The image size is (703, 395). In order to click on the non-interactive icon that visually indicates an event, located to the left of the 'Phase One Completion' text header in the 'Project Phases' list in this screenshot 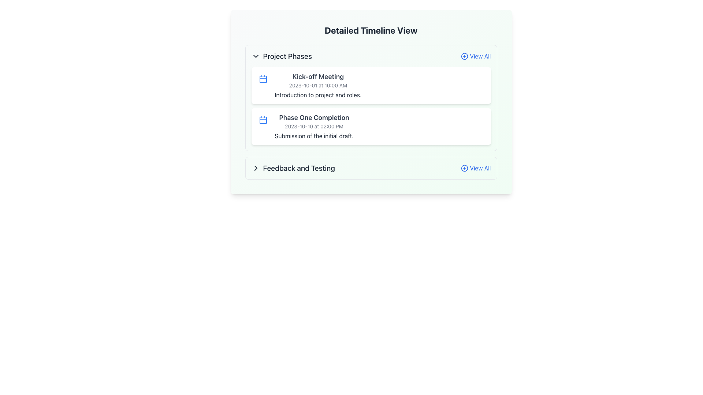, I will do `click(263, 119)`.